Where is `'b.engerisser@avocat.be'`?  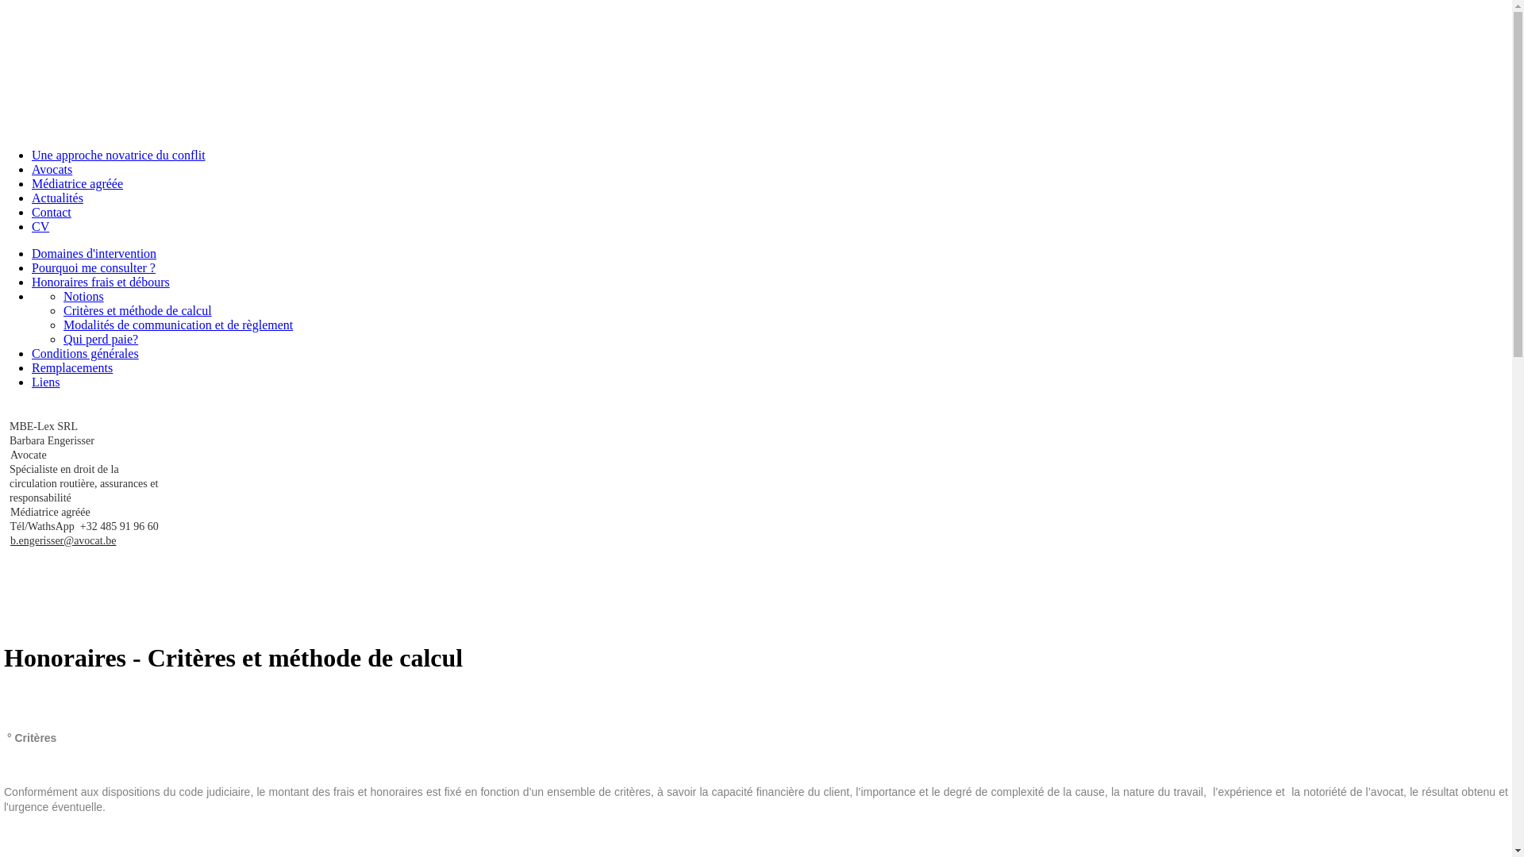
'b.engerisser@avocat.be' is located at coordinates (63, 540).